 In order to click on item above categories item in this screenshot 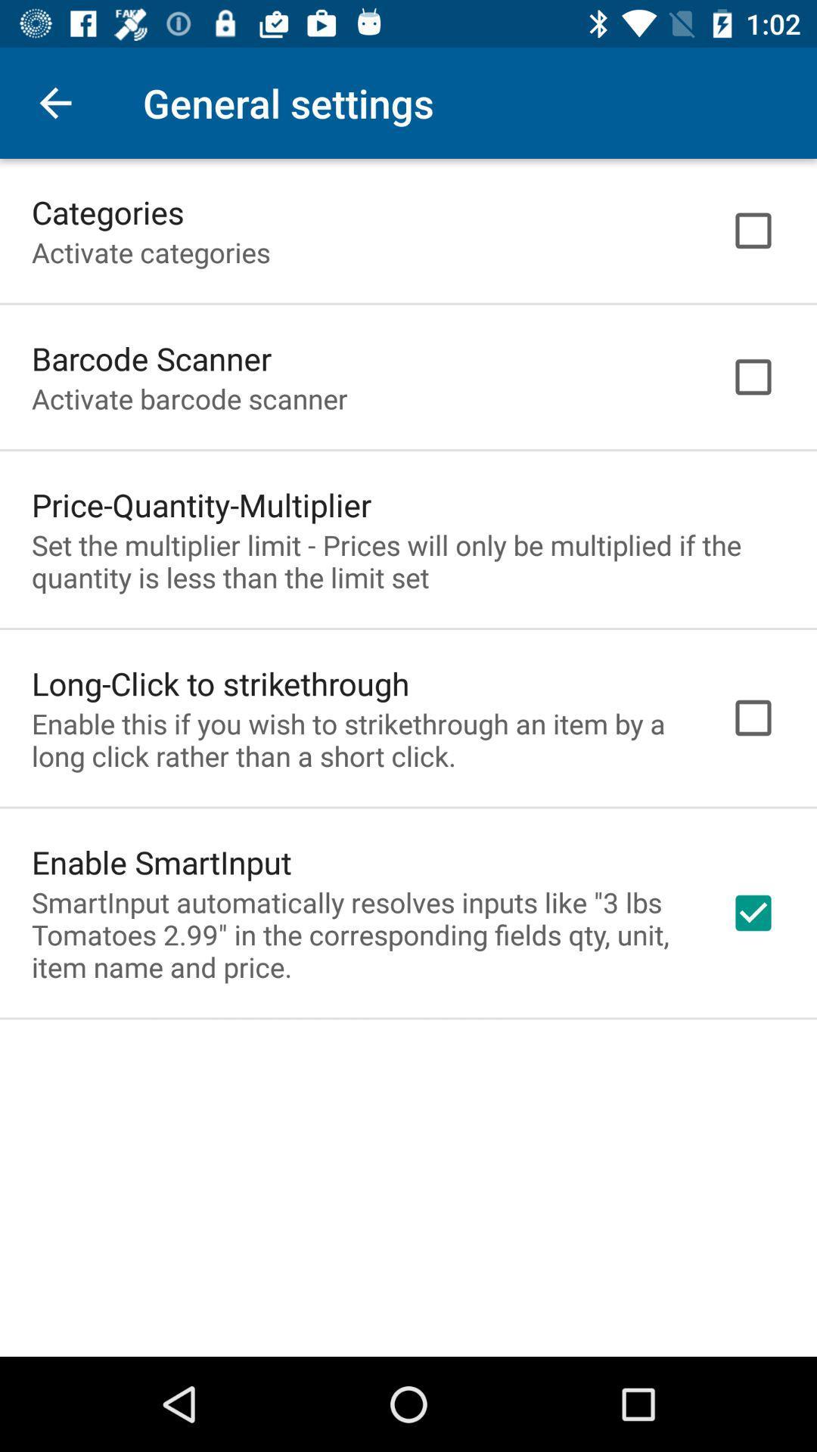, I will do `click(54, 102)`.